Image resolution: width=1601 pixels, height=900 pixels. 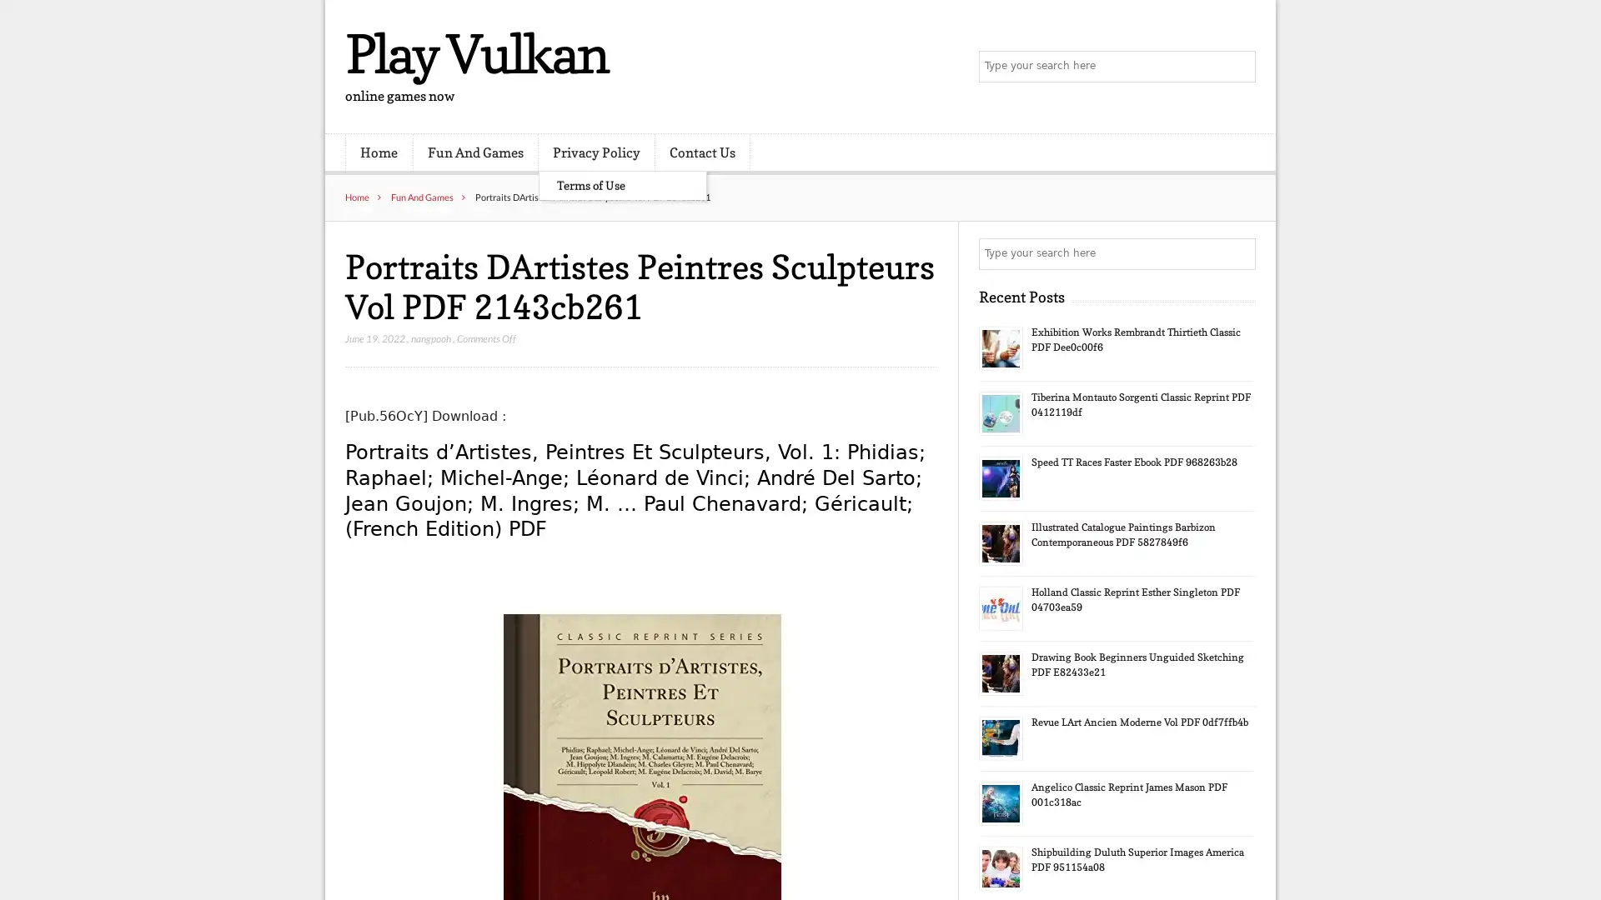 I want to click on Search, so click(x=1238, y=67).